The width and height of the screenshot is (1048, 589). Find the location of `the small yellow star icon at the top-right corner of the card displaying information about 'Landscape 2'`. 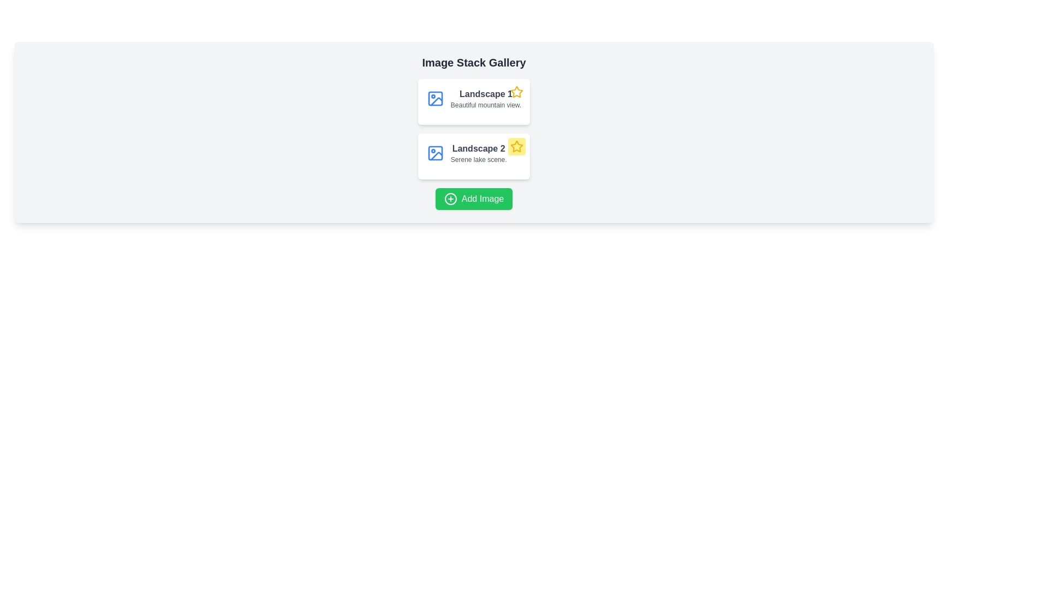

the small yellow star icon at the top-right corner of the card displaying information about 'Landscape 2' is located at coordinates (516, 146).